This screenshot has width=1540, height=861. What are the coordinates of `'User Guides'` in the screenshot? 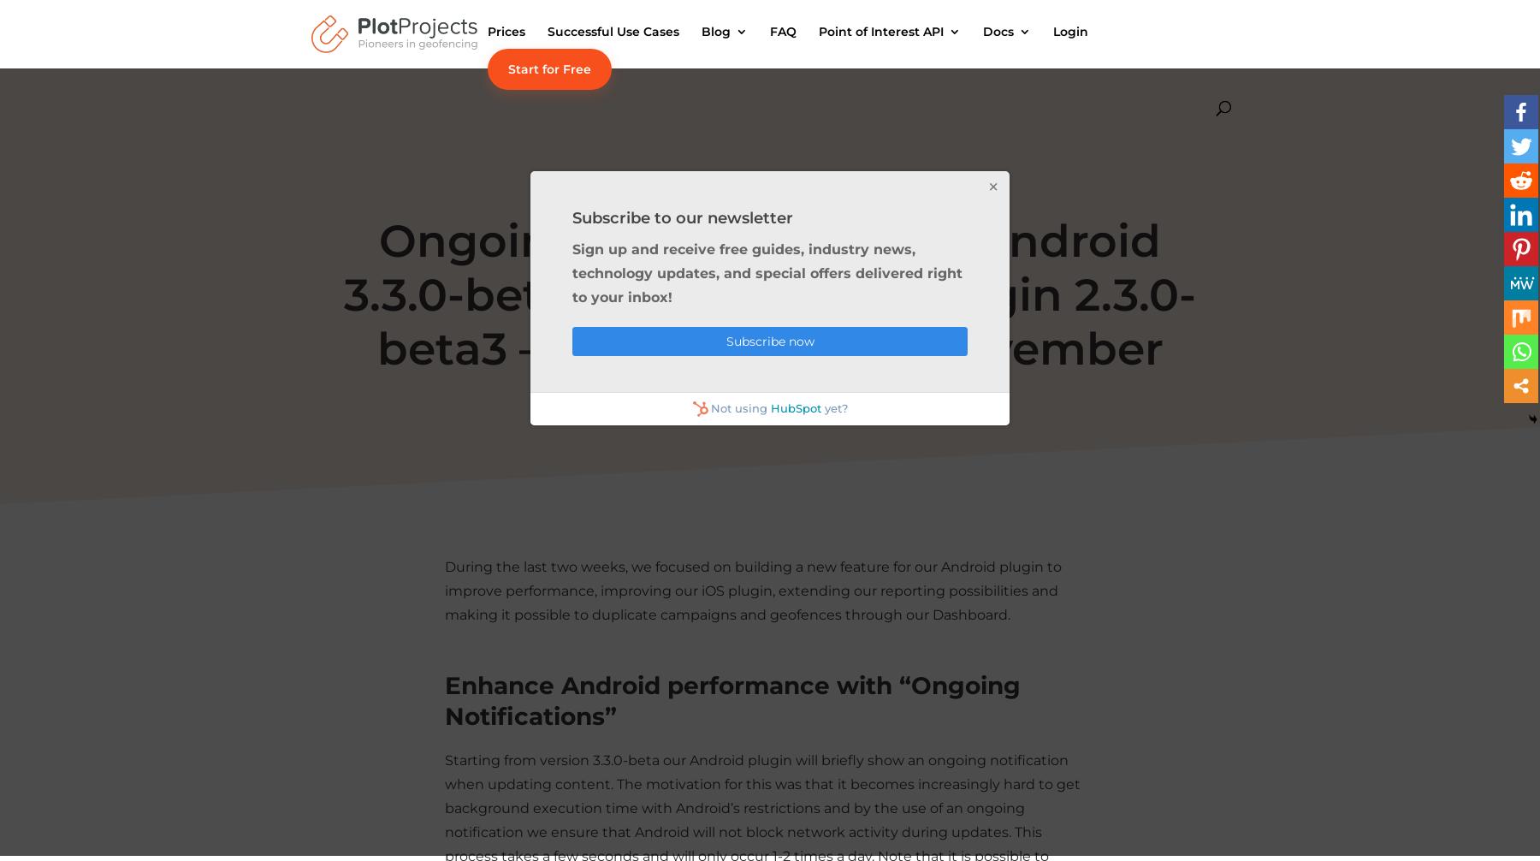 It's located at (1054, 203).